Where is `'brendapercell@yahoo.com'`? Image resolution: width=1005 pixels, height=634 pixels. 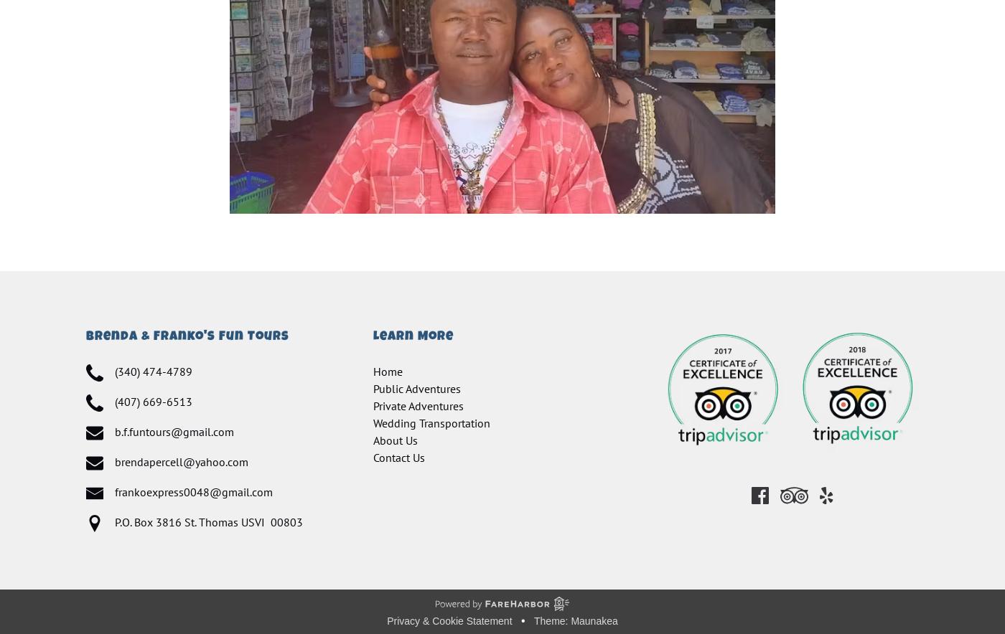 'brendapercell@yahoo.com' is located at coordinates (181, 460).